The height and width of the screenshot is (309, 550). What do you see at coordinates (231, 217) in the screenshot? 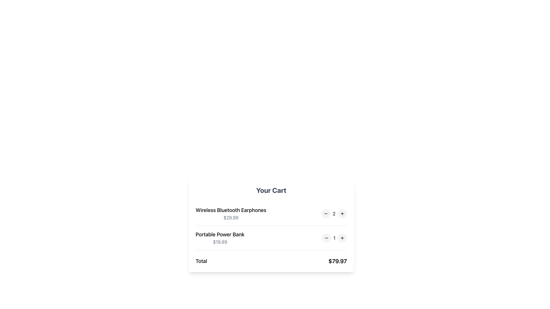
I see `the price text label for 'Wireless Bluetooth Earphones' located in the 'Your Cart' section, which is directly below the product name` at bounding box center [231, 217].